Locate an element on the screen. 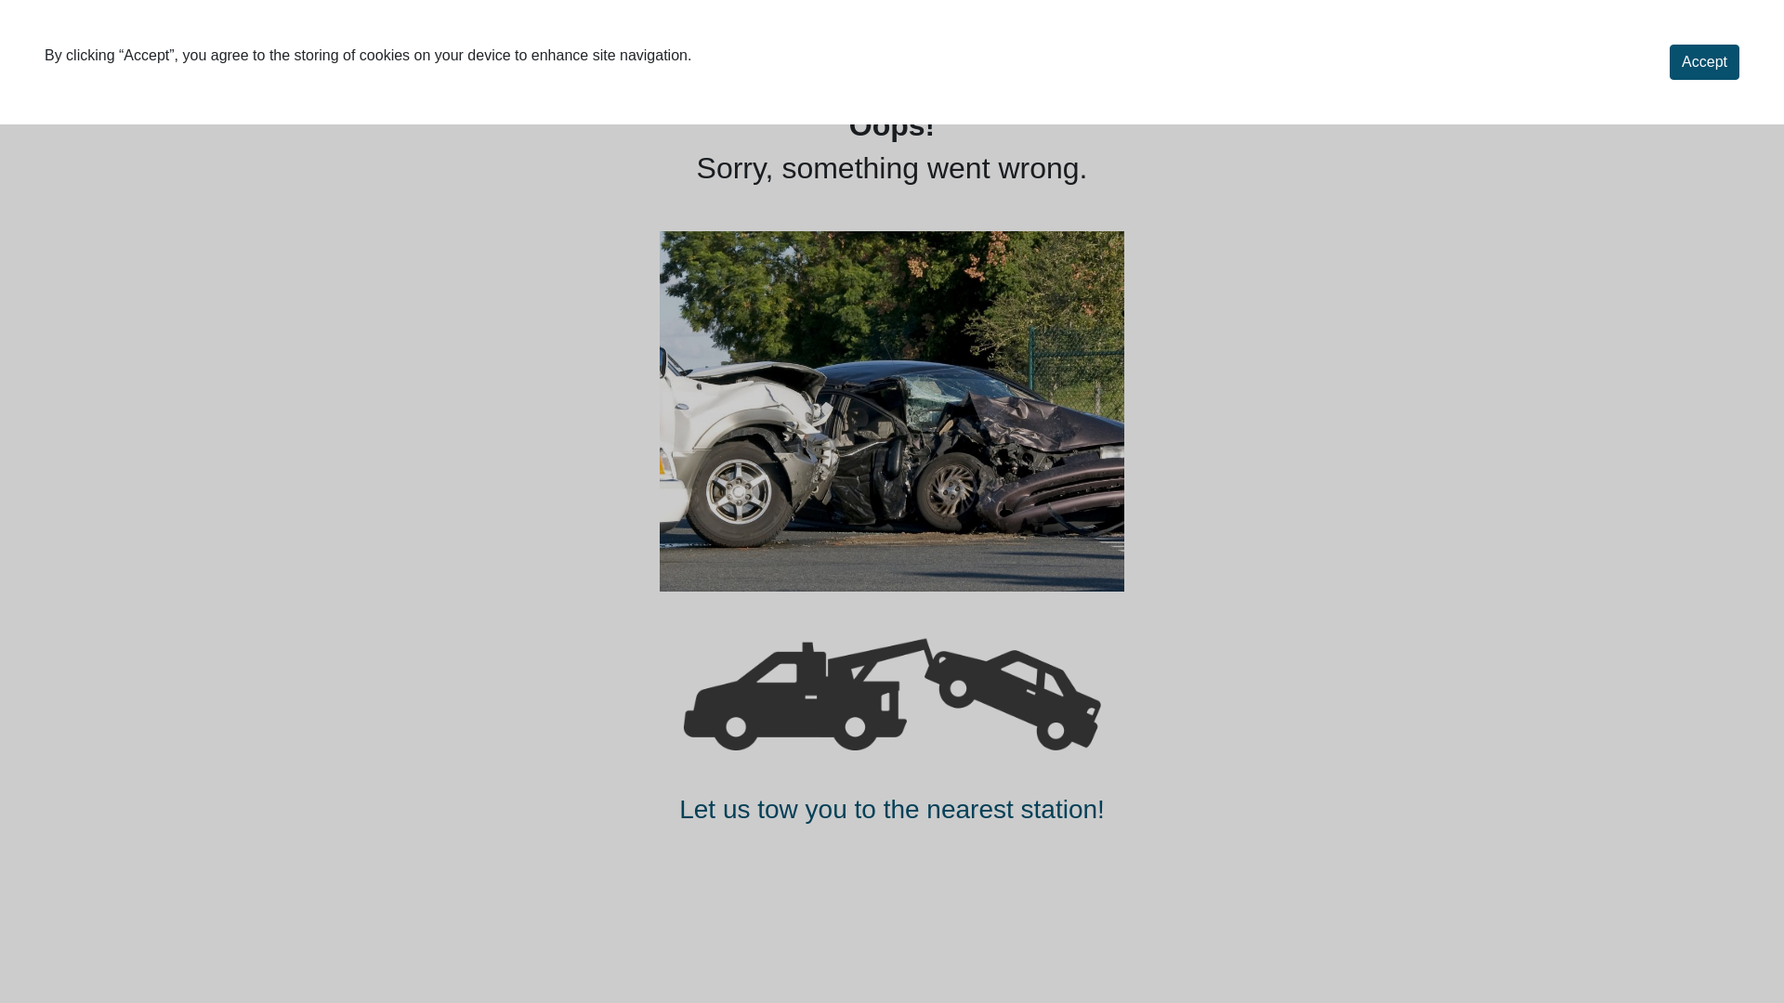 The width and height of the screenshot is (1784, 1003). '500' is located at coordinates (892, 410).